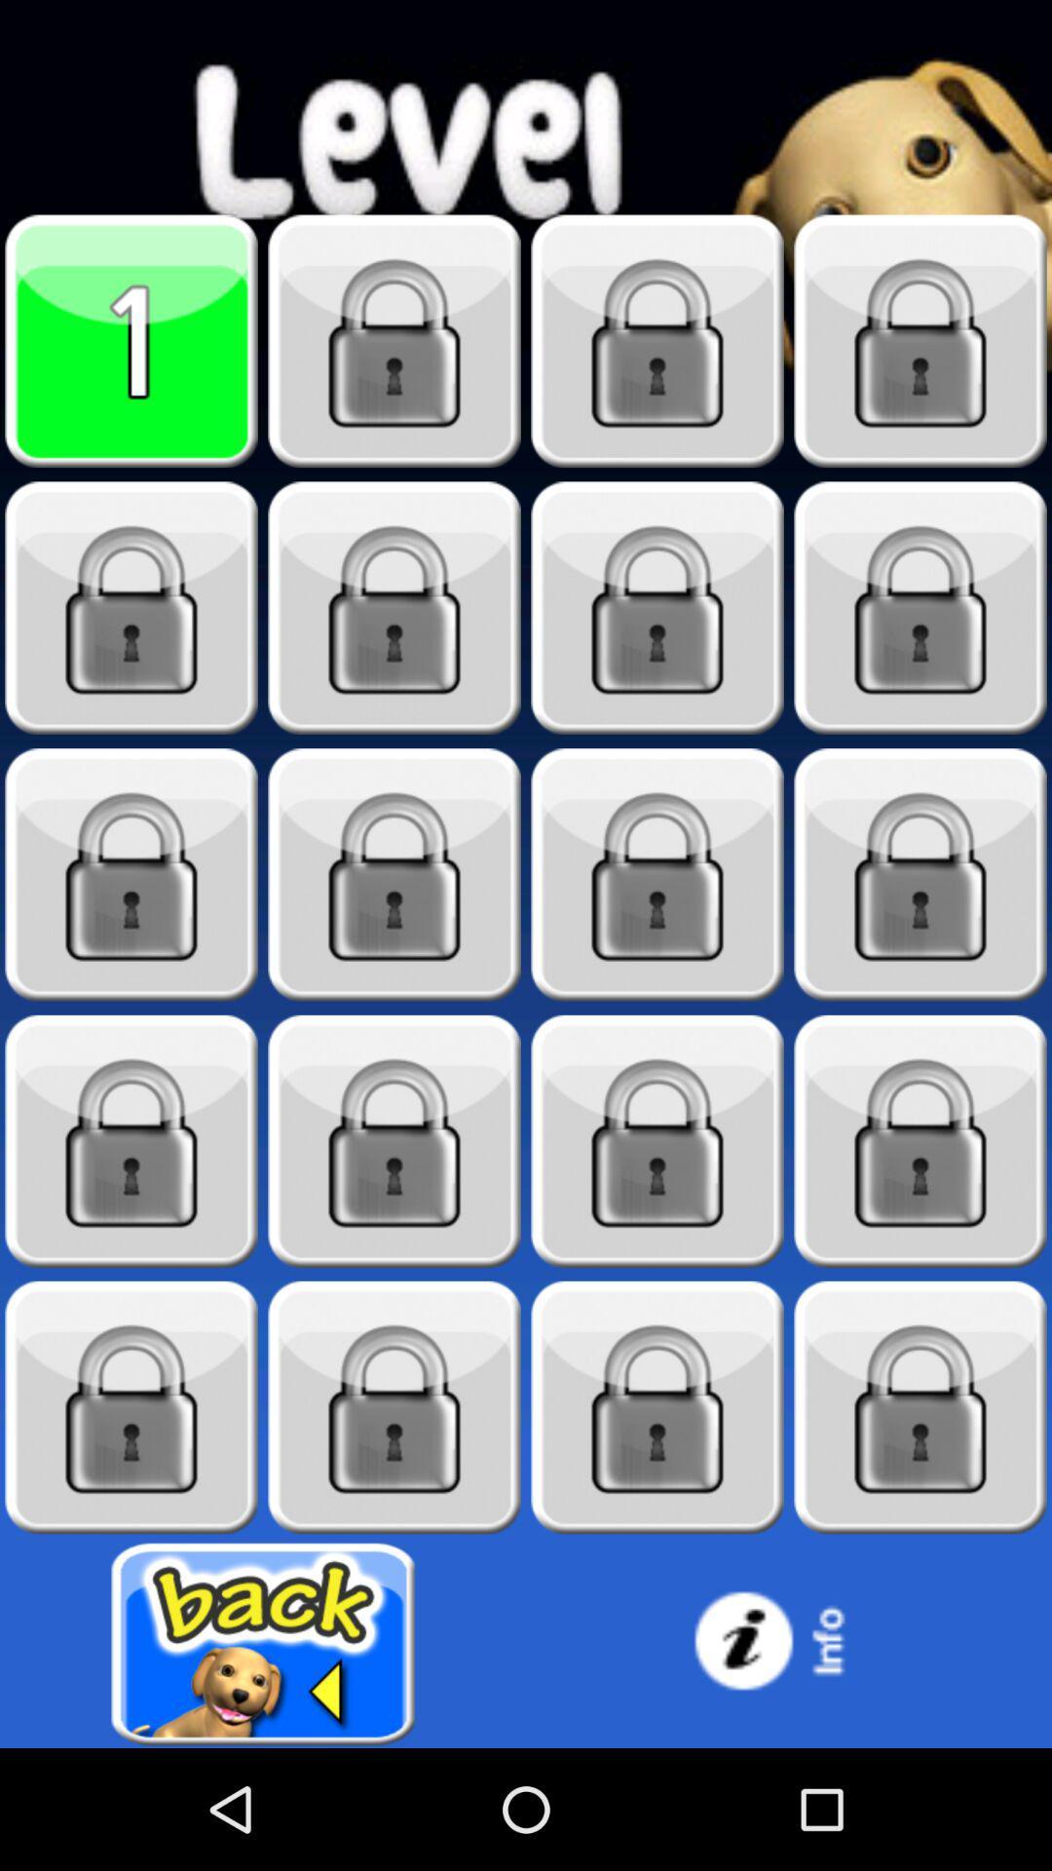 Image resolution: width=1052 pixels, height=1871 pixels. Describe the element at coordinates (920, 607) in the screenshot. I see `unlock the level` at that location.